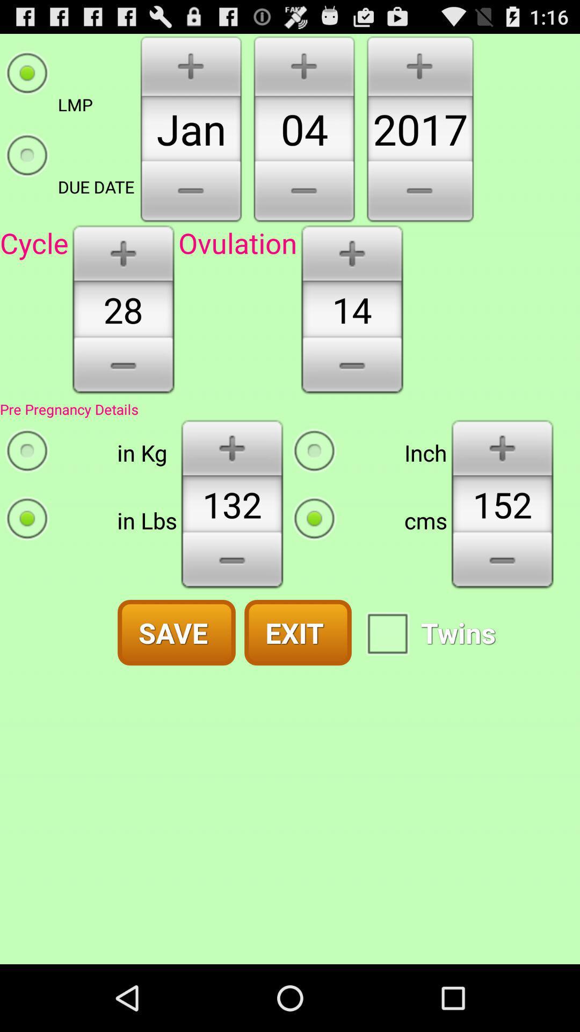 This screenshot has height=1032, width=580. Describe the element at coordinates (190, 193) in the screenshot. I see `which is beside due date` at that location.